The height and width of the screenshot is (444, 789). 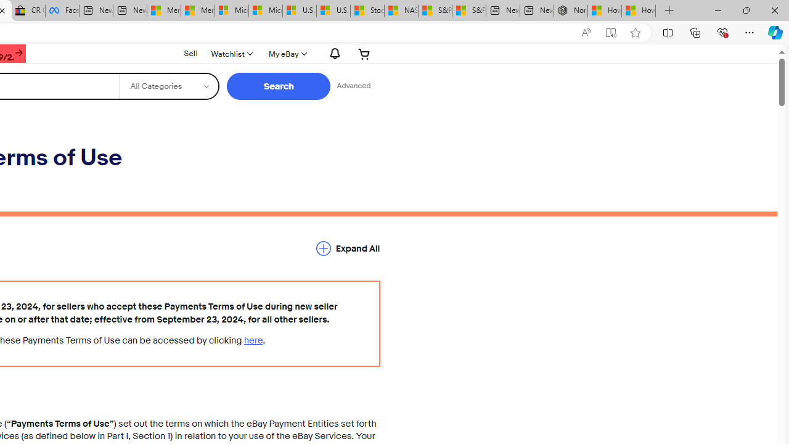 What do you see at coordinates (353, 86) in the screenshot?
I see `'Advanced Search'` at bounding box center [353, 86].